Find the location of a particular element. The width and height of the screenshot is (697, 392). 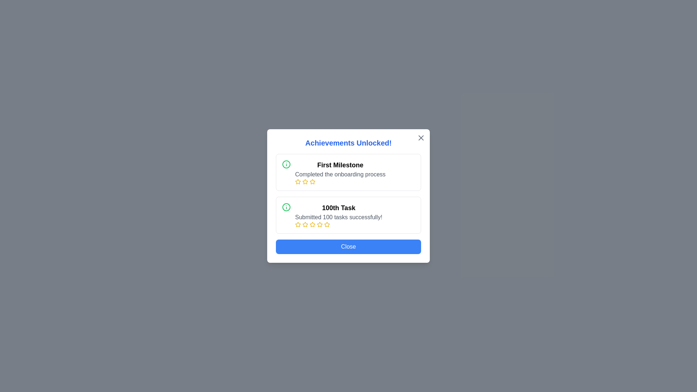

the status of the star-shaped icon with a yellow outline, representing a rating or achievement, which is the third icon in a row of five below the 'First Milestone' heading is located at coordinates (305, 181).